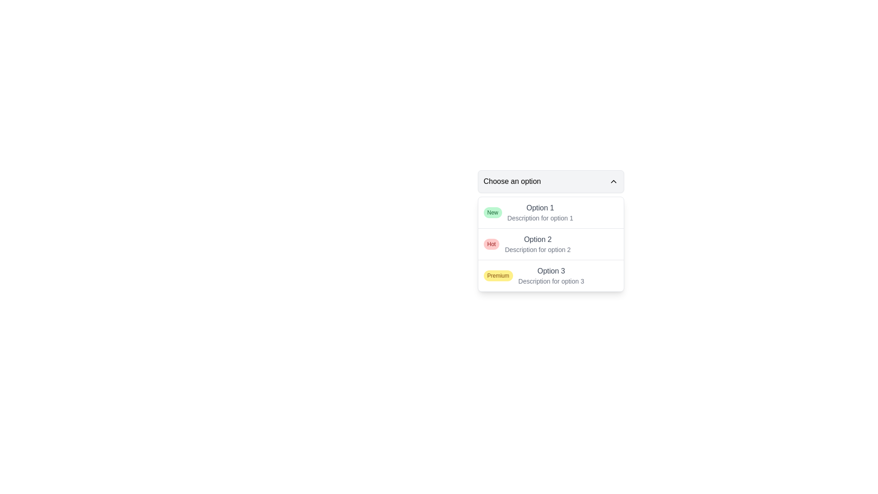 The width and height of the screenshot is (878, 494). I want to click on the third list item labeled 'Option 3' within the dropdown menu, so click(551, 275).